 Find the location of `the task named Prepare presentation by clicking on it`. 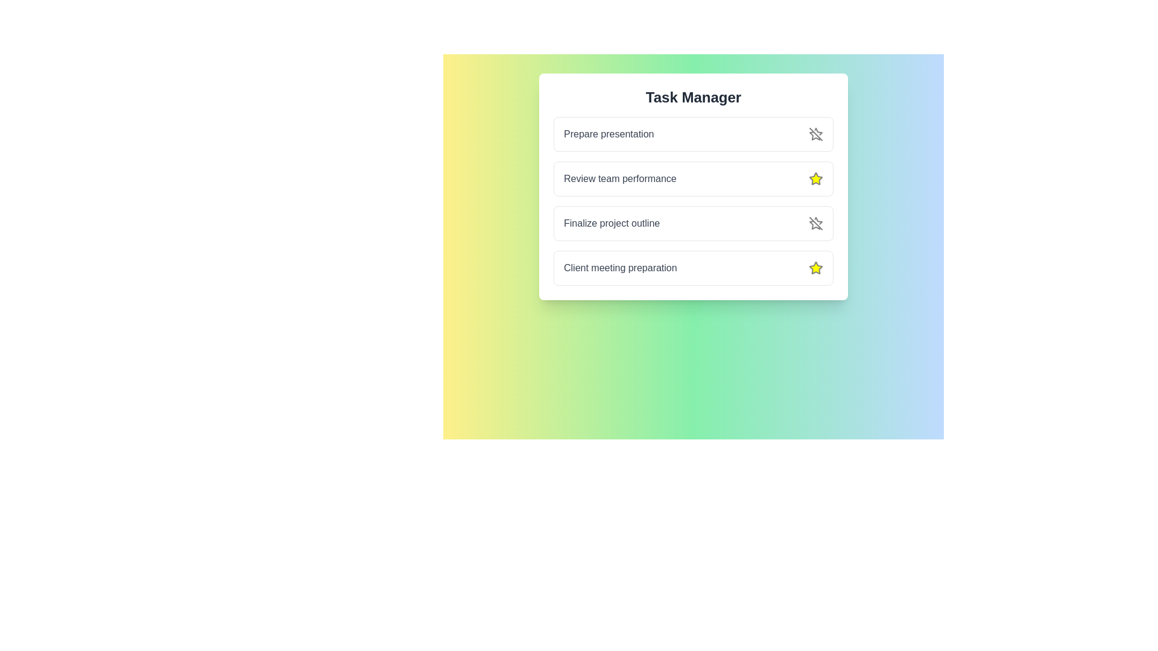

the task named Prepare presentation by clicking on it is located at coordinates (609, 134).